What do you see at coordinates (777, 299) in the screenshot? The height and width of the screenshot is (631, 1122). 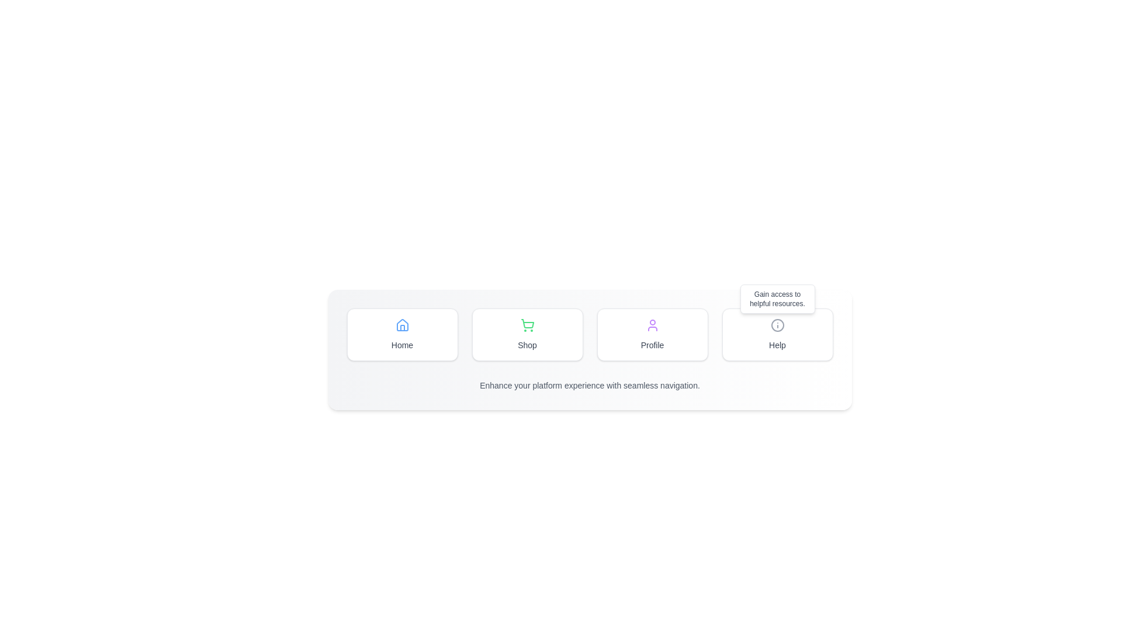 I see `the tooltip or contextual information box that is displayed above the 'Help' button, which features an information icon and the text 'Help.'` at bounding box center [777, 299].